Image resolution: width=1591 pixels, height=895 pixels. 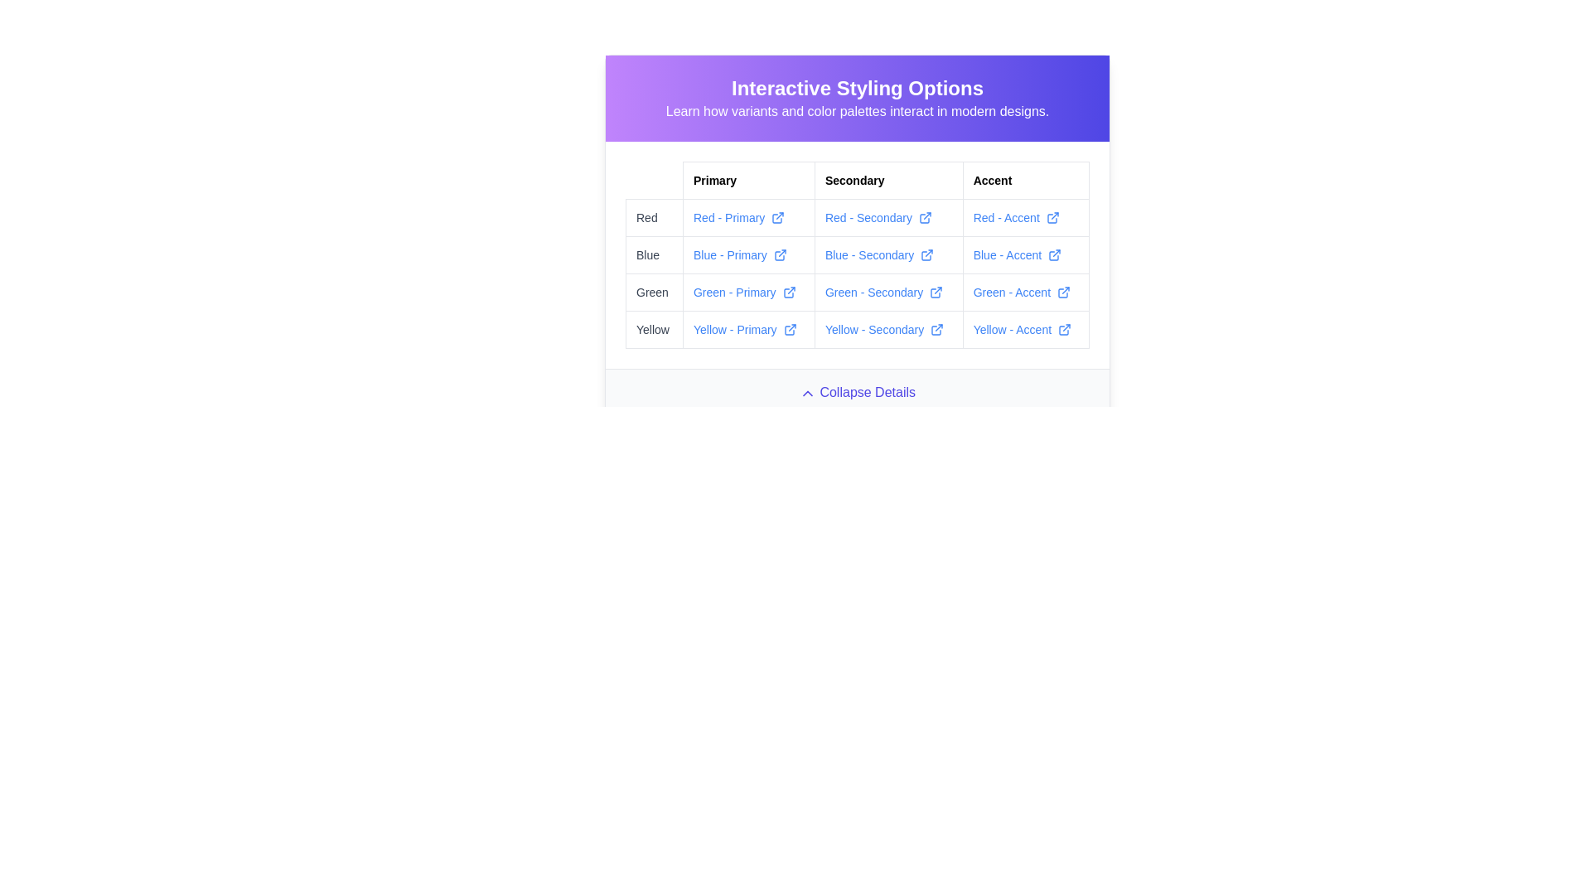 What do you see at coordinates (1021, 292) in the screenshot?
I see `the 'Green - Accent' hyperlink with an external link icon located` at bounding box center [1021, 292].